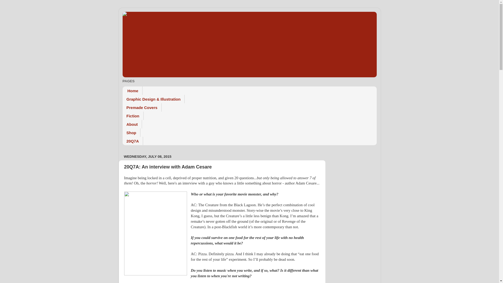 Image resolution: width=503 pixels, height=283 pixels. What do you see at coordinates (133, 116) in the screenshot?
I see `'Fiction'` at bounding box center [133, 116].